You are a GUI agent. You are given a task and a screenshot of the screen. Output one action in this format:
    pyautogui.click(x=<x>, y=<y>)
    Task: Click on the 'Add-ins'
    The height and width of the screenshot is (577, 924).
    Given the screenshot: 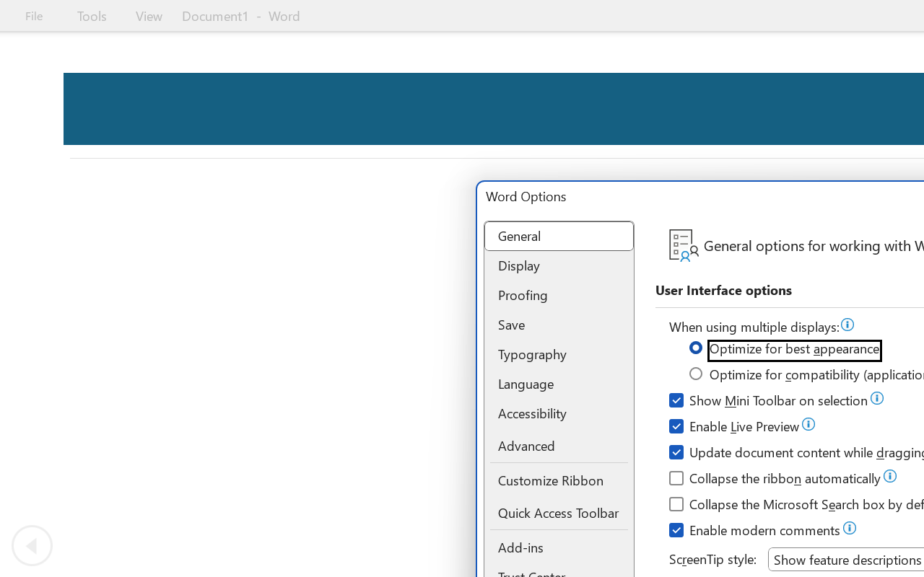 What is the action you would take?
    pyautogui.click(x=558, y=547)
    